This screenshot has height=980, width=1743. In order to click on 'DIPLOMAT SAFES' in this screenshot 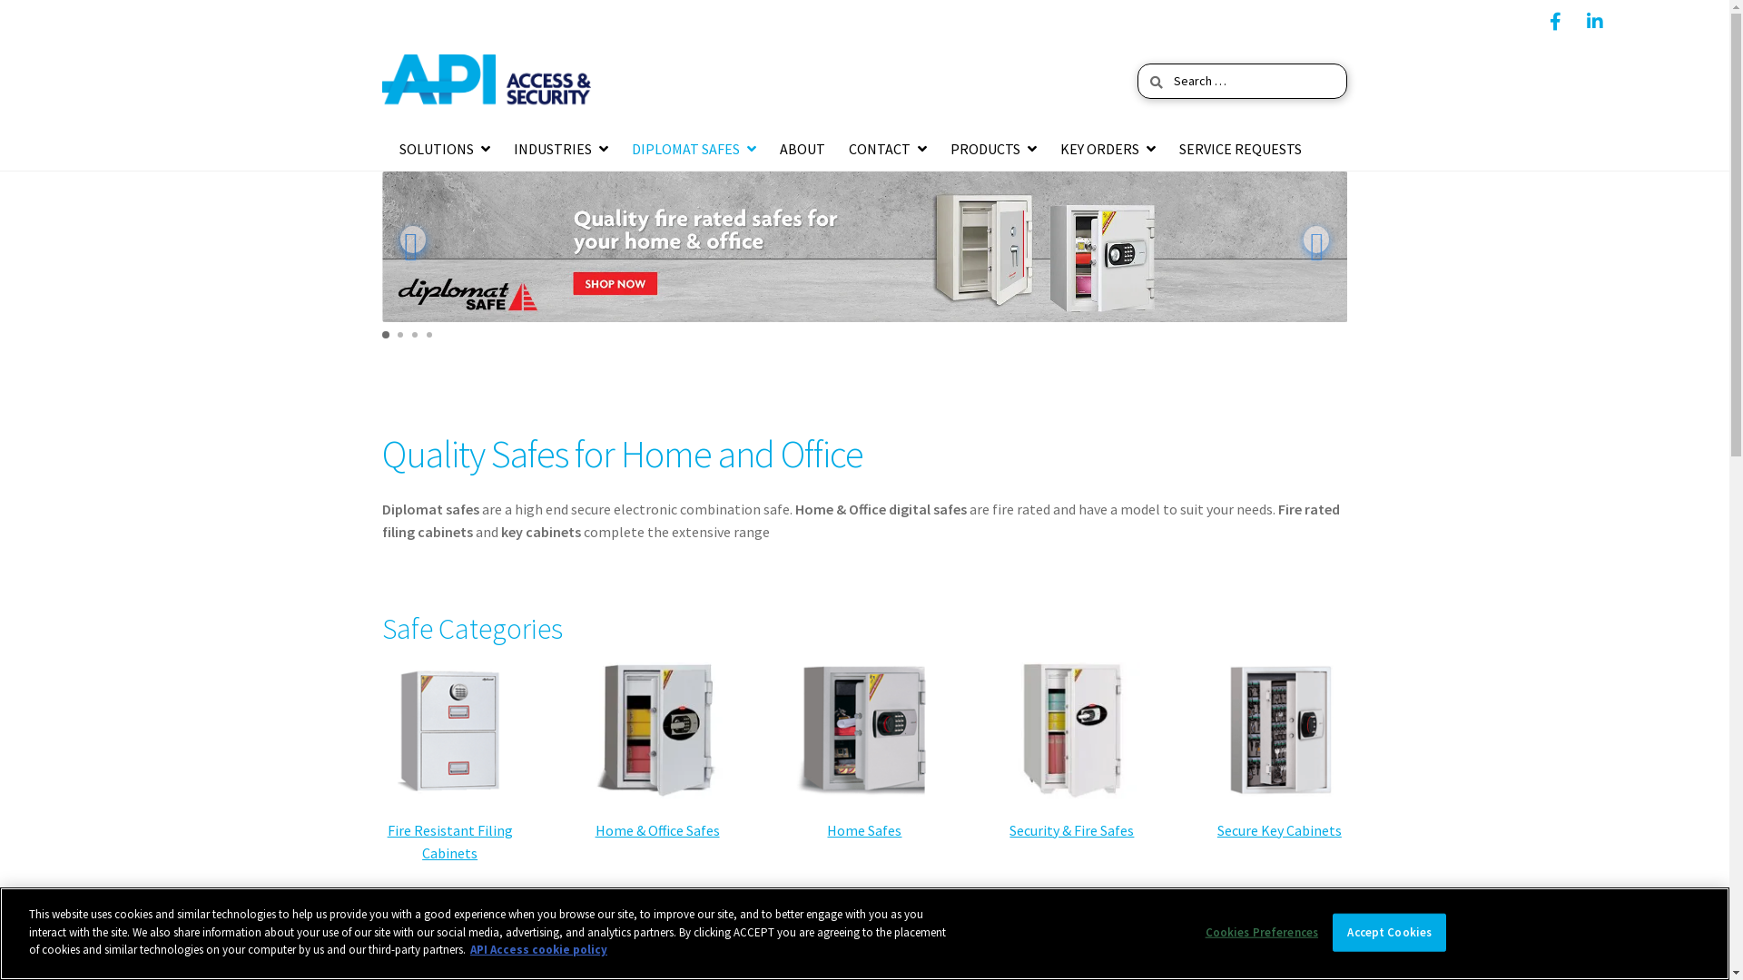, I will do `click(626, 149)`.